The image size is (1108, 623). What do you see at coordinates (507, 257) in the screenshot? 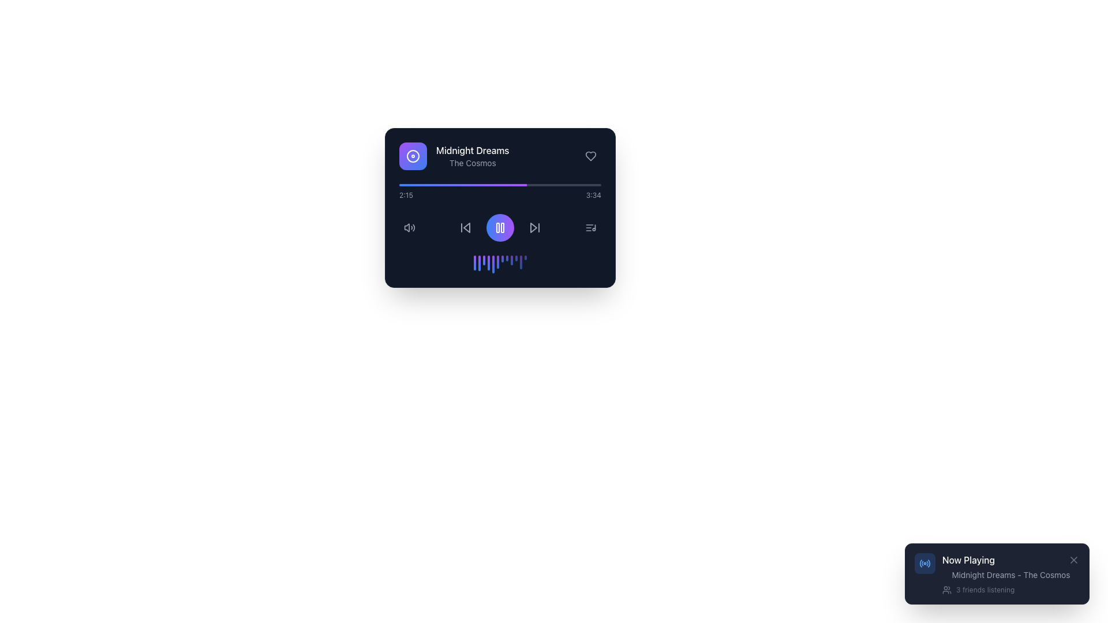
I see `the eighth waveform bar in the audio player interface to observe its dynamic visual response` at bounding box center [507, 257].